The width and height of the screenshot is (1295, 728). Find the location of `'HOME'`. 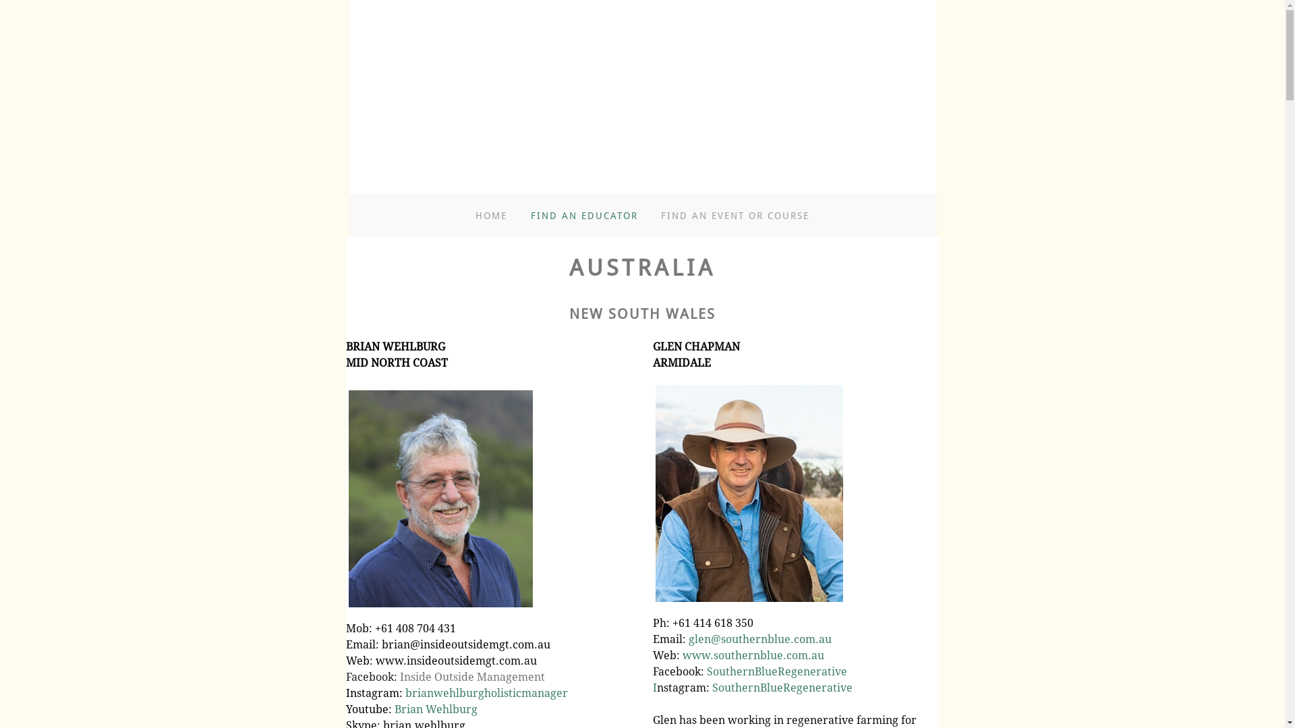

'HOME' is located at coordinates (476, 215).